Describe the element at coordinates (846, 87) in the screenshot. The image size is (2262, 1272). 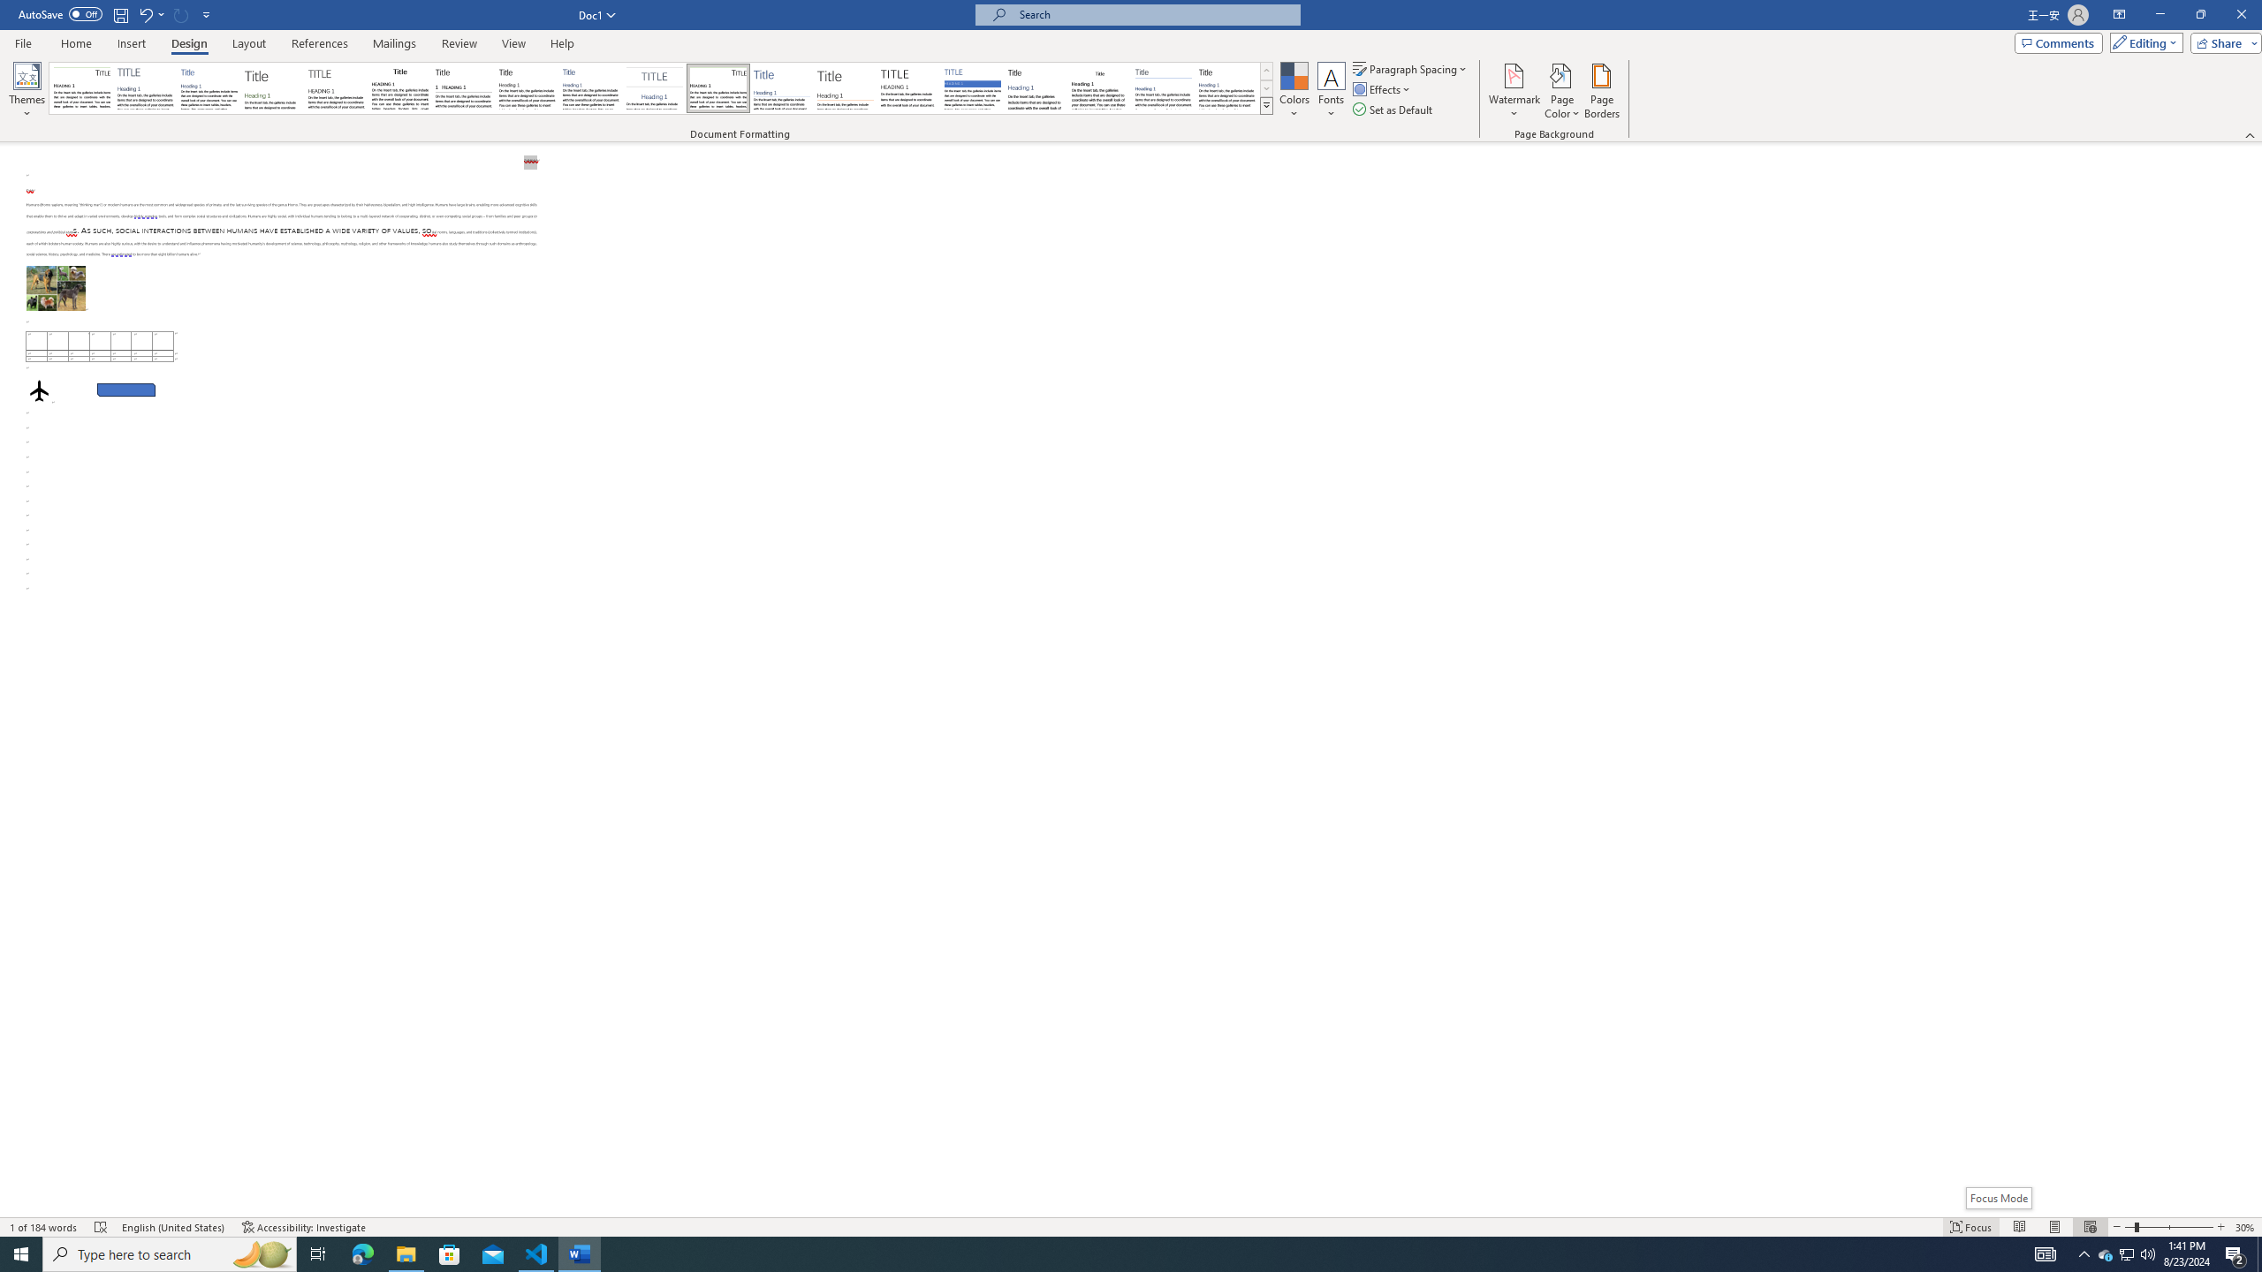
I see `'Lines (Stylish)'` at that location.